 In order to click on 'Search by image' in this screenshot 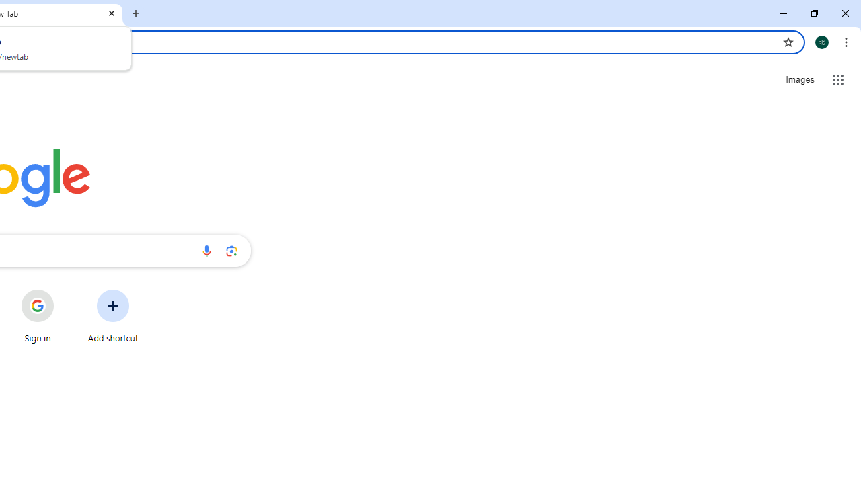, I will do `click(231, 250)`.